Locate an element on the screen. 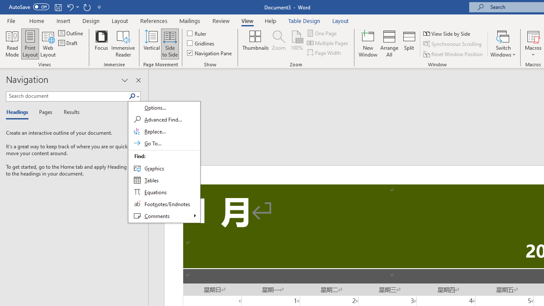 The image size is (544, 306). 'Help' is located at coordinates (270, 20).